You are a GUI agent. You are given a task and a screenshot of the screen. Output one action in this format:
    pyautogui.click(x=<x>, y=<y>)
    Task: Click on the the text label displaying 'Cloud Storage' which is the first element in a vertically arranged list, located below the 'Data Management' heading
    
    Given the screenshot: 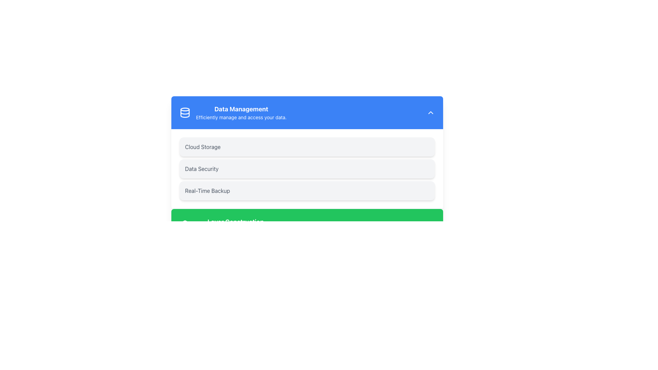 What is the action you would take?
    pyautogui.click(x=202, y=146)
    